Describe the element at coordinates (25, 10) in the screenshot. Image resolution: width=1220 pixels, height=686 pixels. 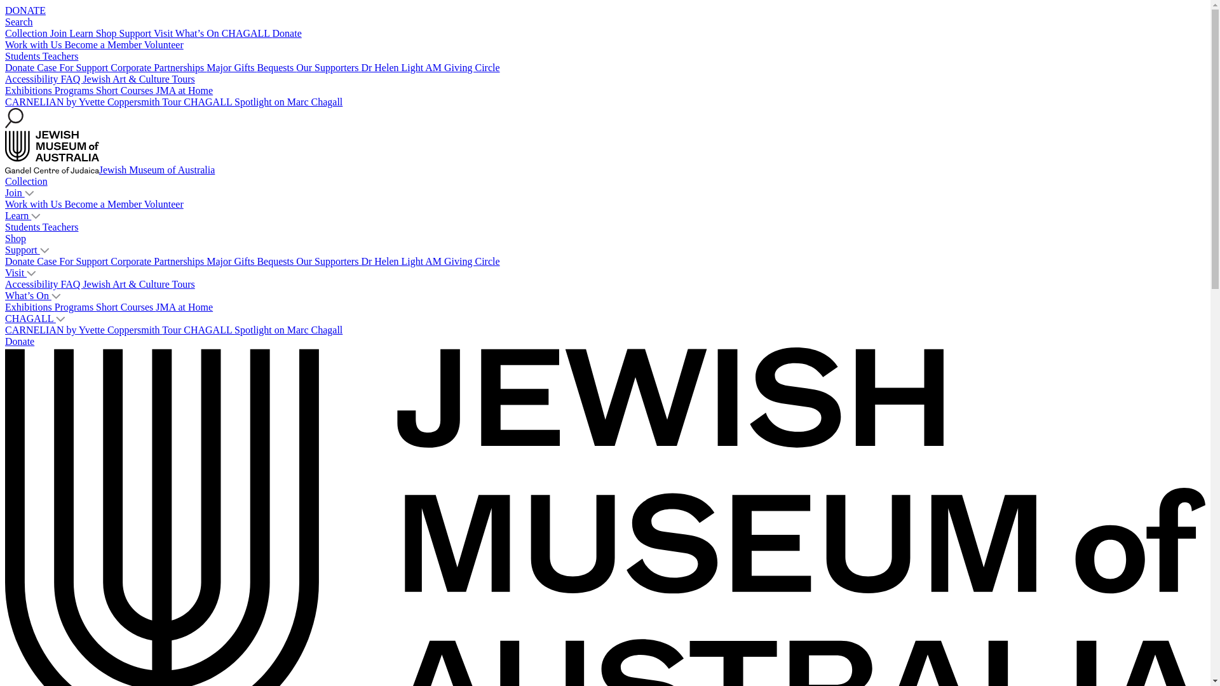
I see `'DONATE'` at that location.